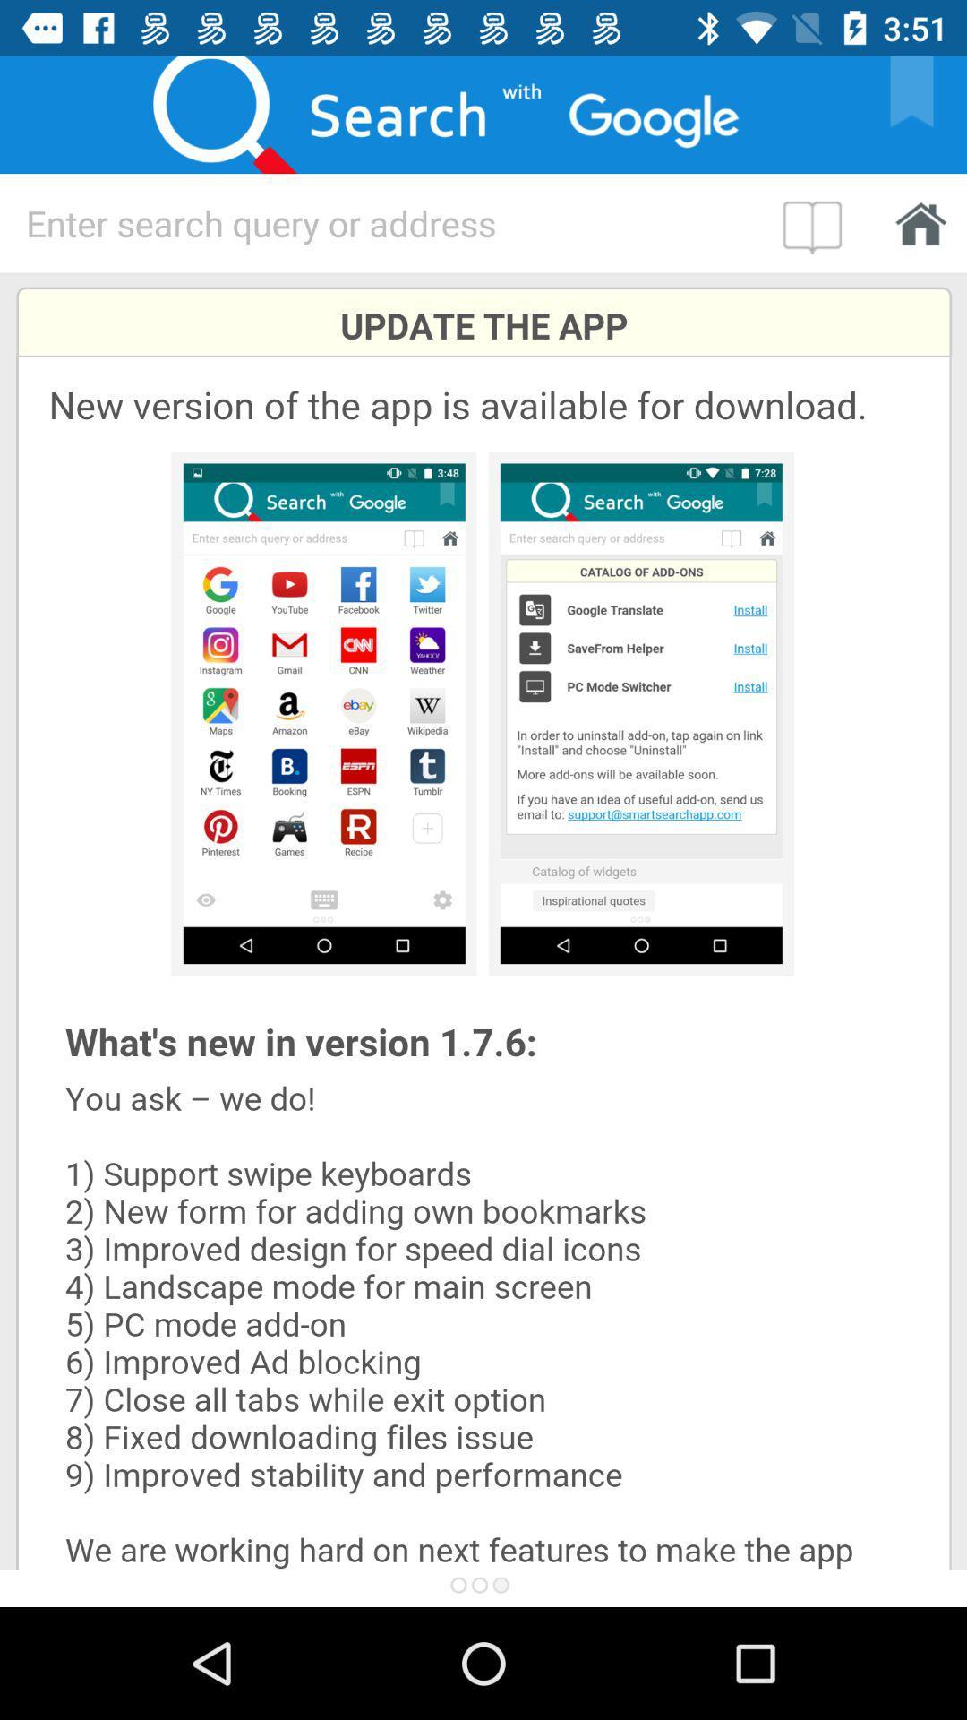  Describe the element at coordinates (817, 222) in the screenshot. I see `the book icon` at that location.